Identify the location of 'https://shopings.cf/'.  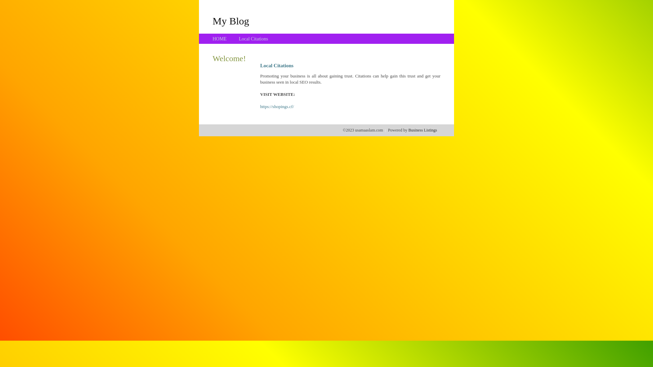
(277, 106).